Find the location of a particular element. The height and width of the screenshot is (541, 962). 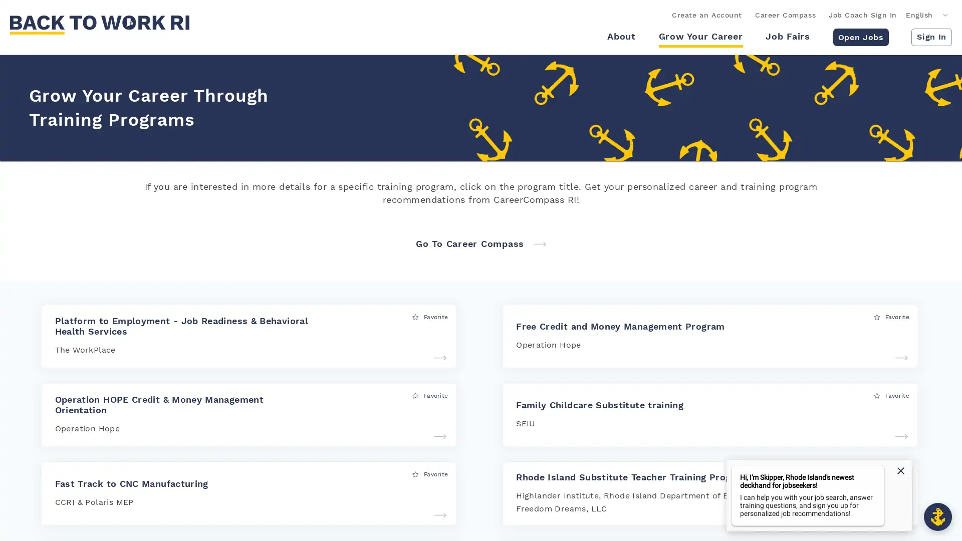

not favorite Favorite is located at coordinates (430, 395).